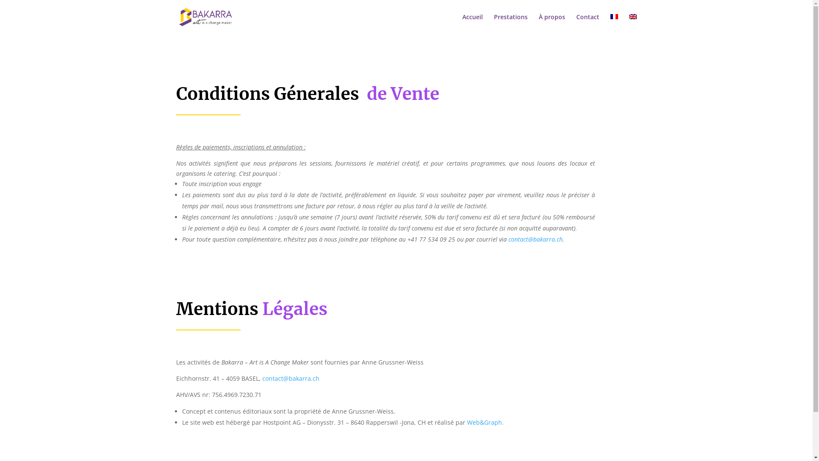  What do you see at coordinates (472, 23) in the screenshot?
I see `'Accueil'` at bounding box center [472, 23].